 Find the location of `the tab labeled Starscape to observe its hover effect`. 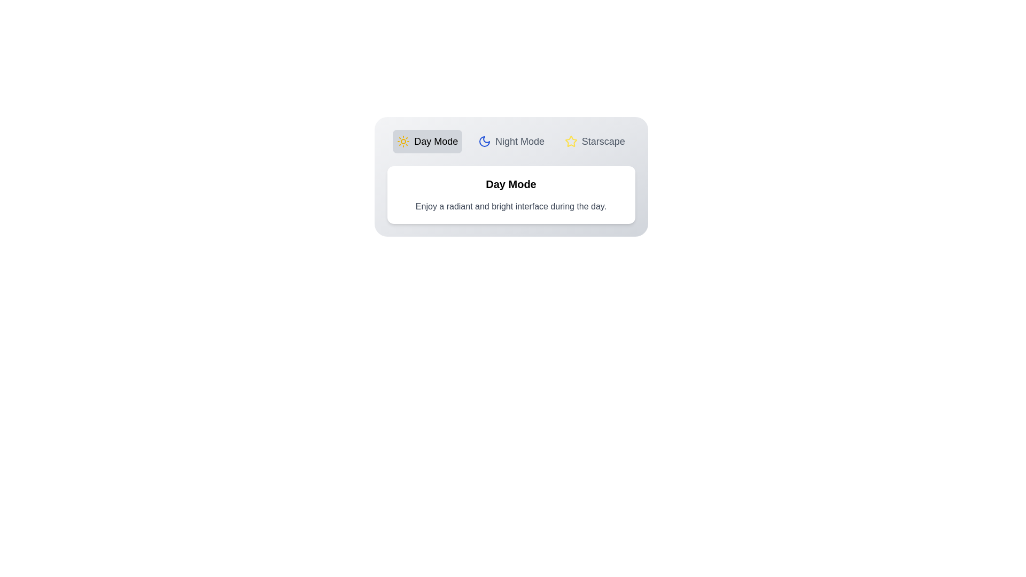

the tab labeled Starscape to observe its hover effect is located at coordinates (594, 141).